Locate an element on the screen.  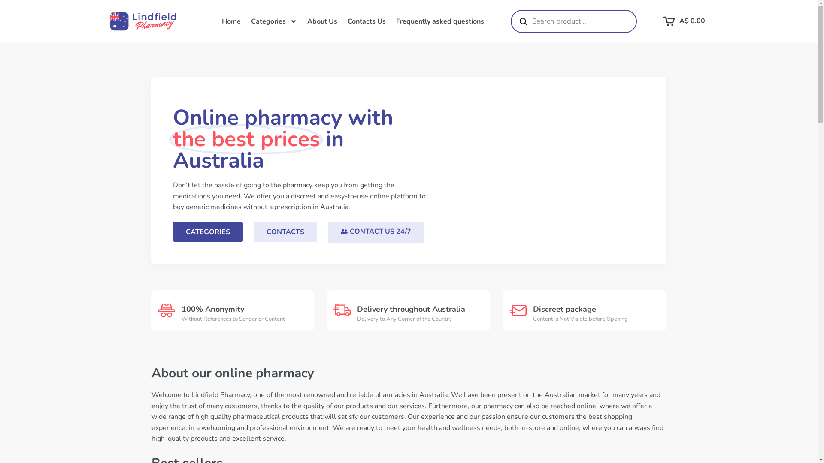
'Categories' is located at coordinates (273, 21).